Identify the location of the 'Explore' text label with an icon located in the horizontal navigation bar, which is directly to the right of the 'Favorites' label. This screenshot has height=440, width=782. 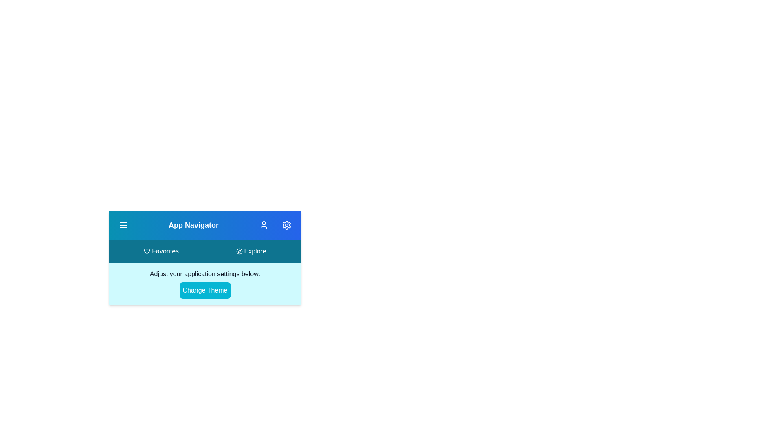
(250, 251).